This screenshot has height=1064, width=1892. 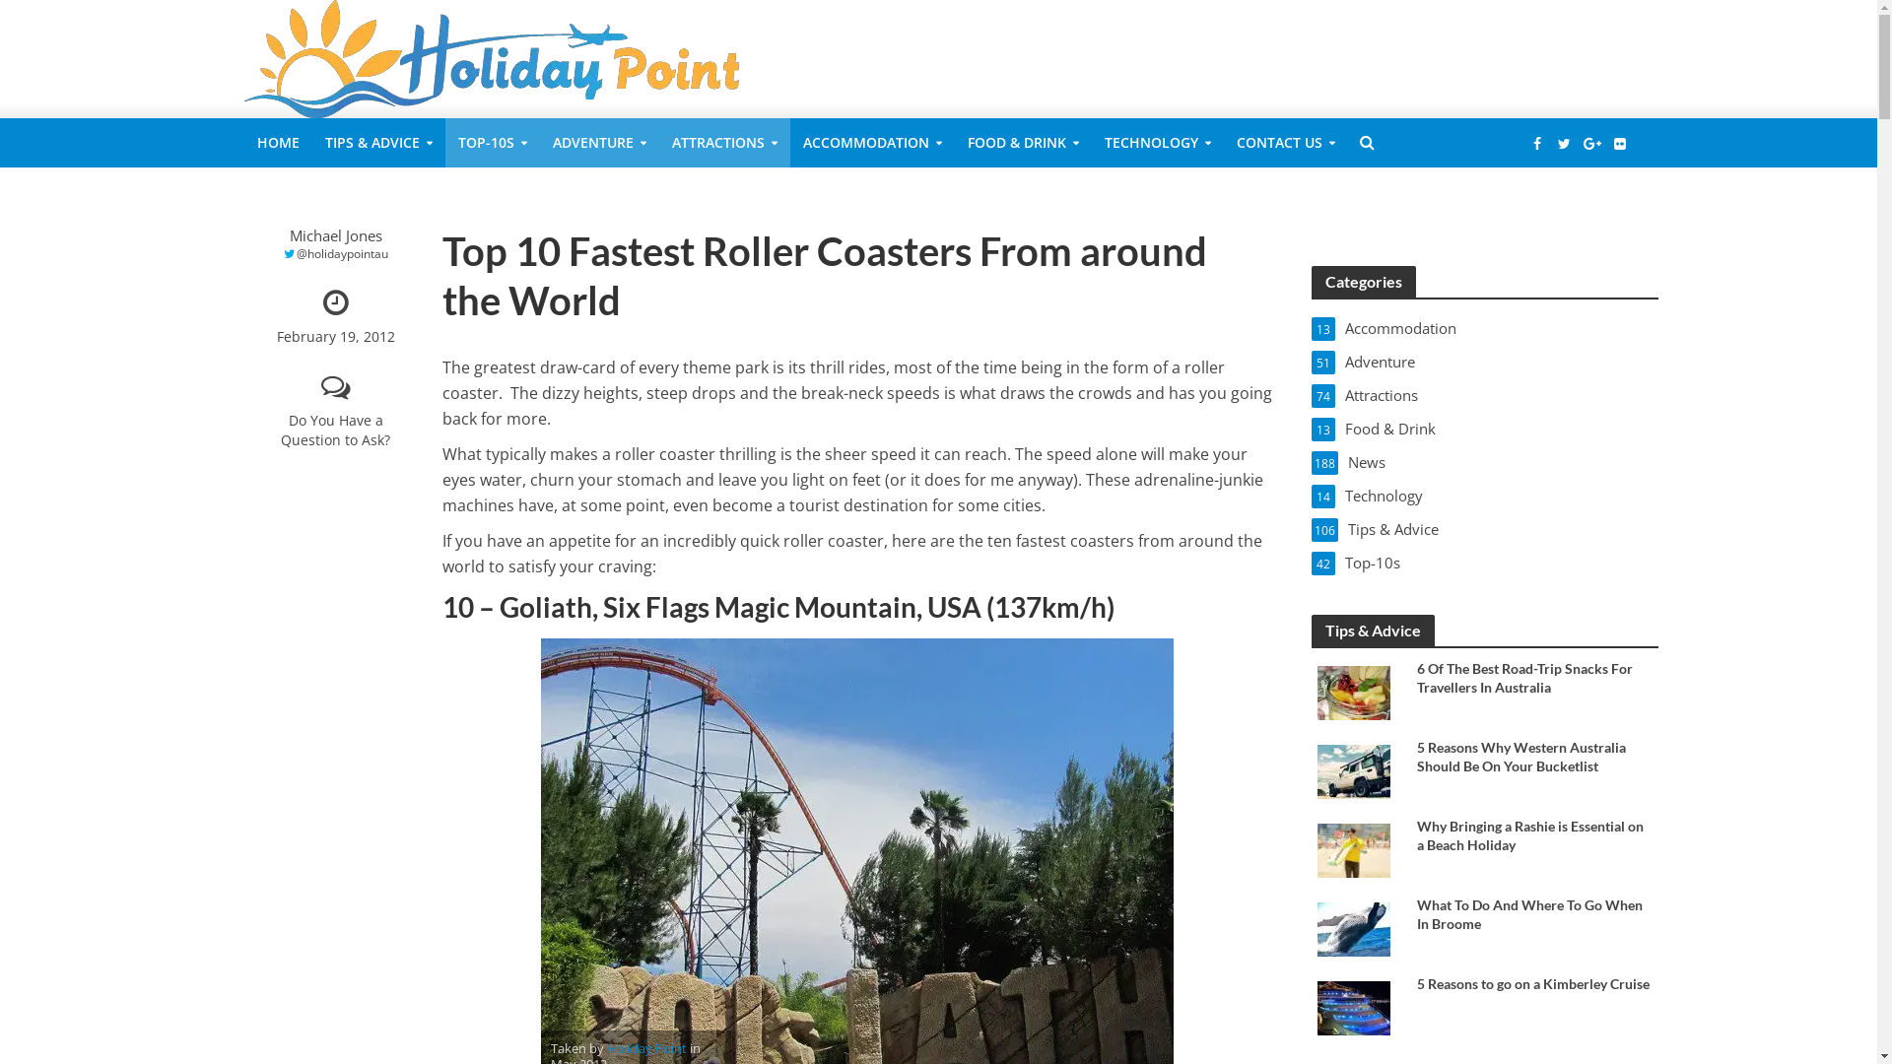 I want to click on 'What To Do And Where To Go When In Broome', so click(x=1532, y=914).